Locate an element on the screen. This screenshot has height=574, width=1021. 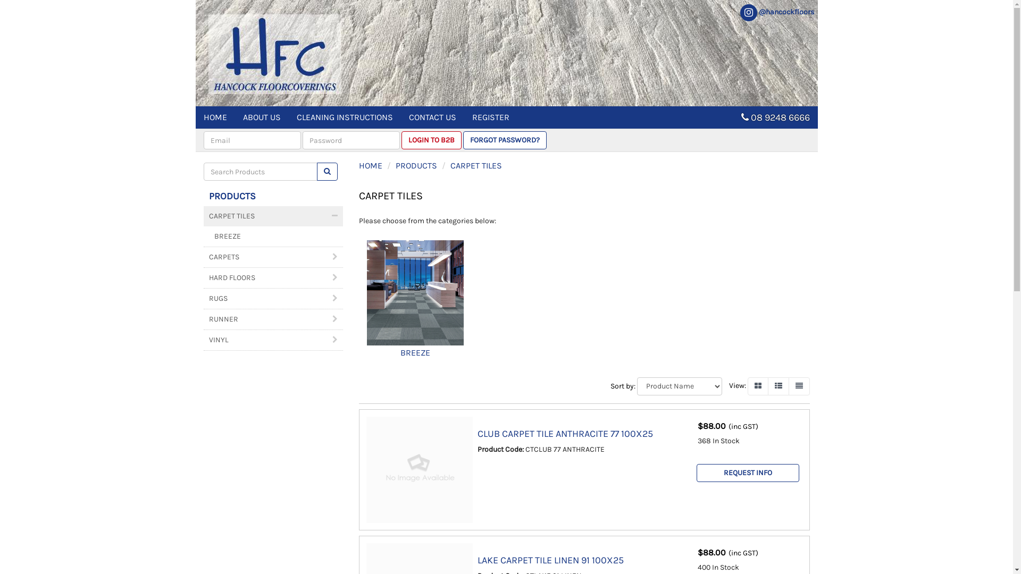
'CLEANING INSTRUCTIONS' is located at coordinates (344, 117).